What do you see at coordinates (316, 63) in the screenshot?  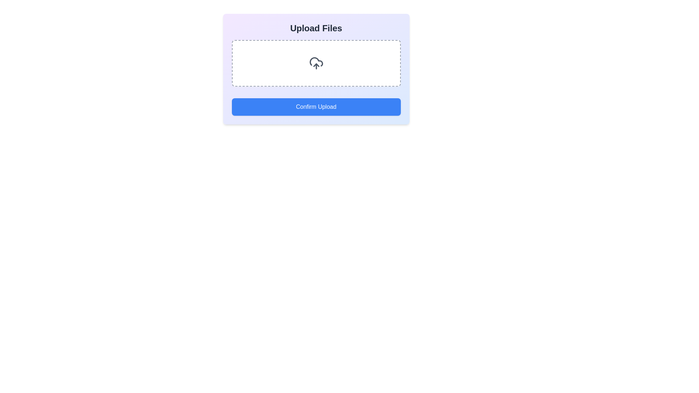 I see `a file over the file upload icon, which is visually represented by a dashed-bordered rectangle located below the 'Upload Files' text and above the 'Confirm Upload' button` at bounding box center [316, 63].